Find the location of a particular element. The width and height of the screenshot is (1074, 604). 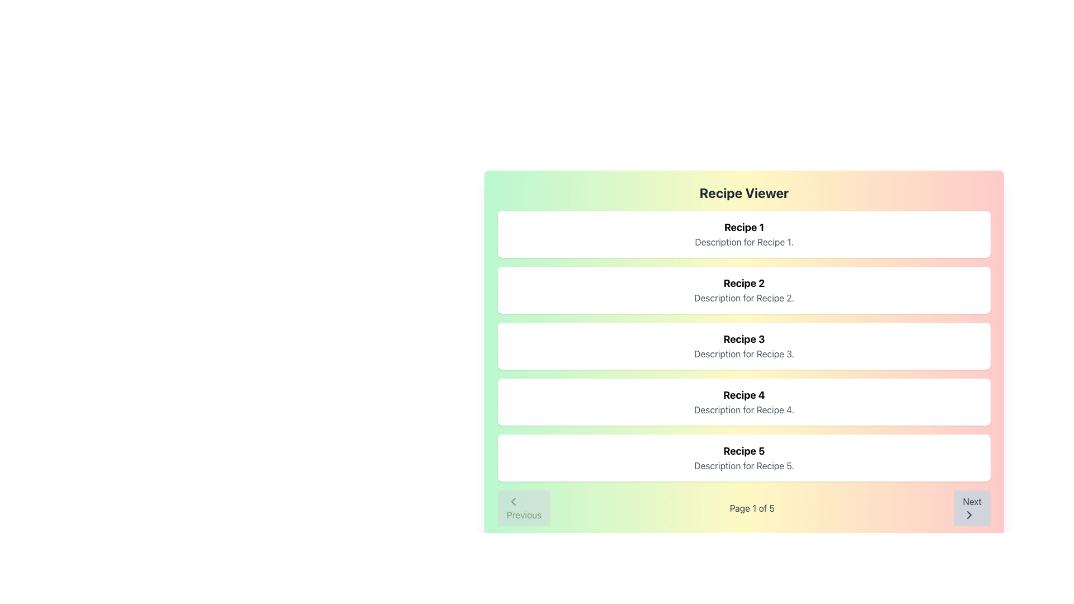

the left-pointing chevron arrow icon within the soft green 'Previous' button located in the bottom-left corner is located at coordinates (512, 501).